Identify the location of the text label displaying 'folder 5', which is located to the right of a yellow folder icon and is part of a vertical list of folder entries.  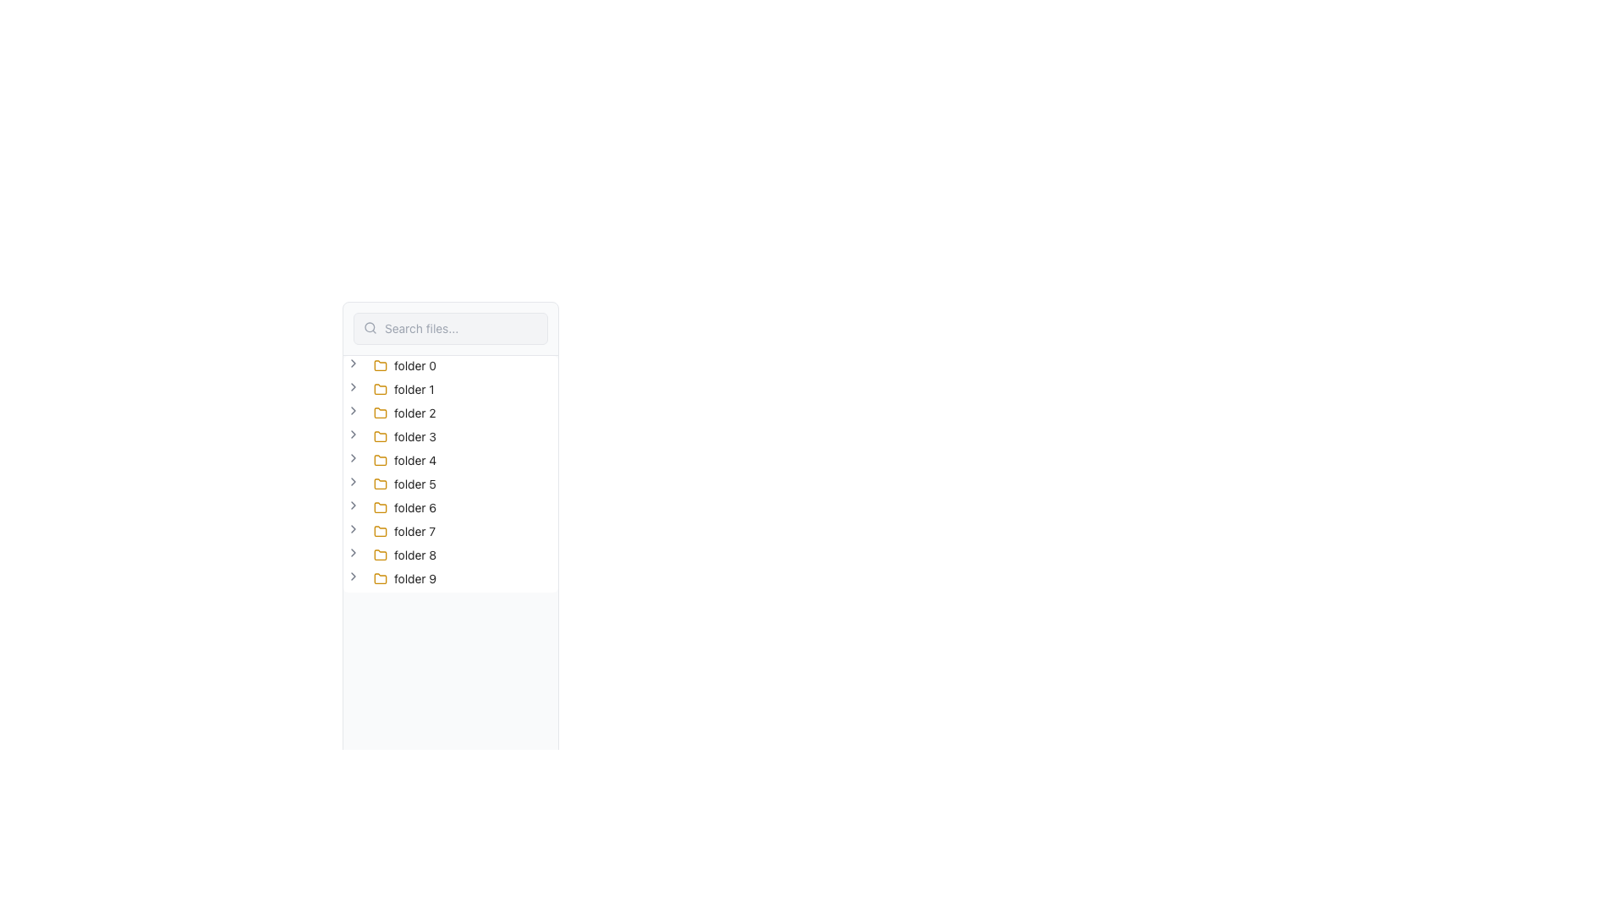
(414, 484).